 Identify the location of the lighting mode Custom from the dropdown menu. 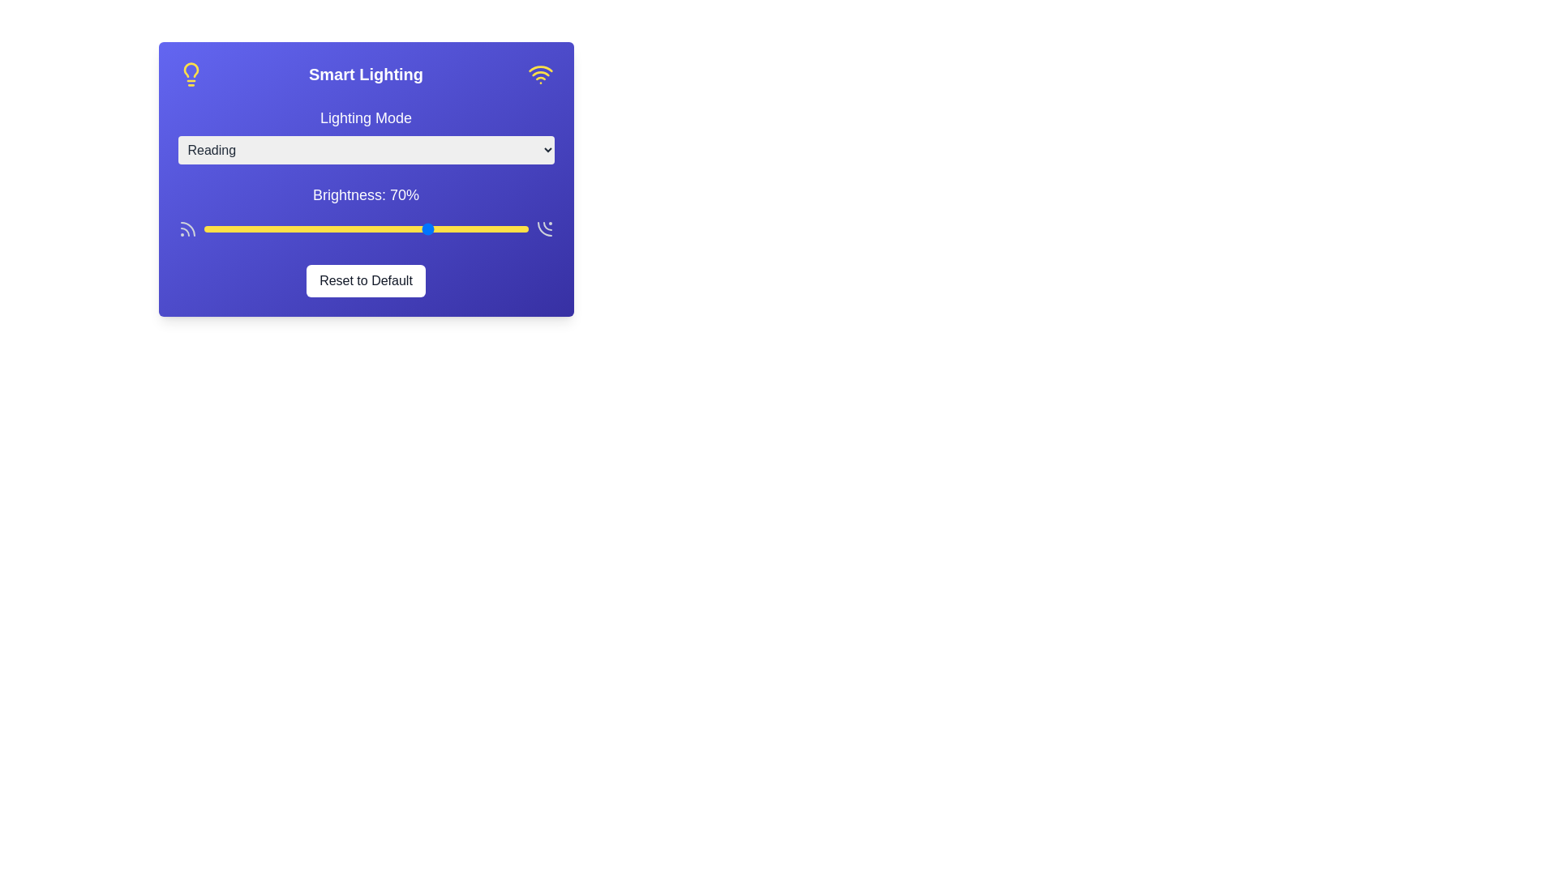
(365, 150).